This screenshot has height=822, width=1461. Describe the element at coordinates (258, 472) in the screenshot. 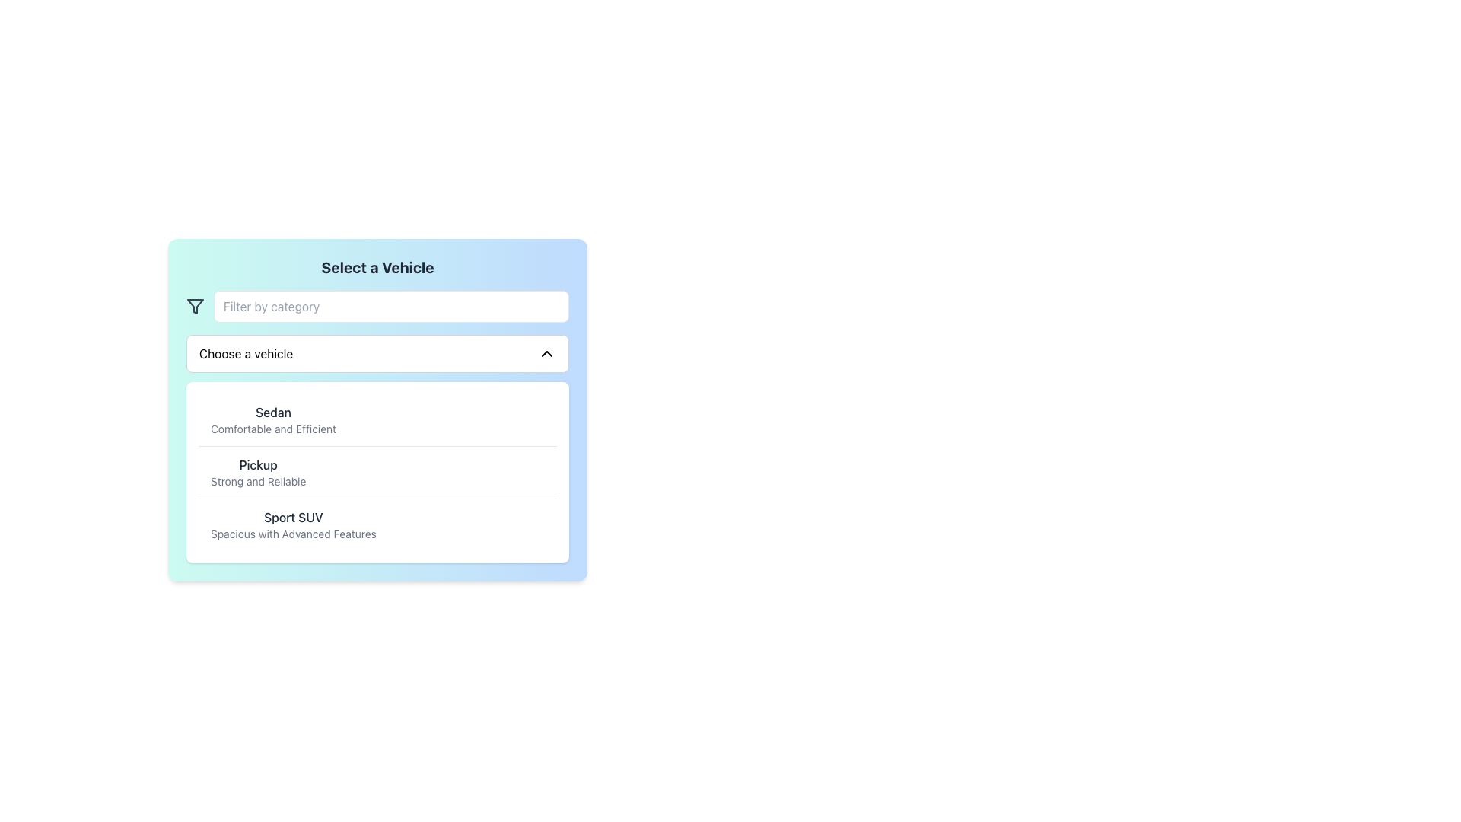

I see `the second list item displaying 'Pickup' and 'Strong and Reliable'` at that location.